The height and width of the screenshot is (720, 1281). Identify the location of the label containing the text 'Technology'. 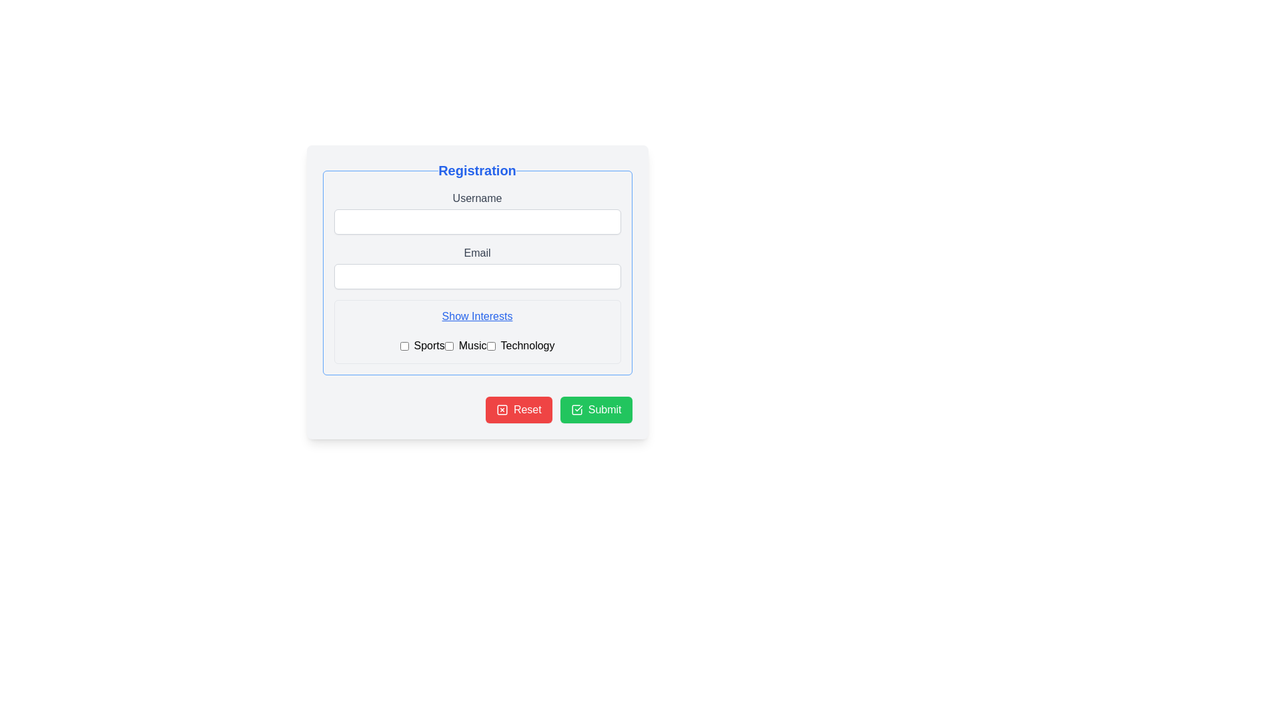
(527, 345).